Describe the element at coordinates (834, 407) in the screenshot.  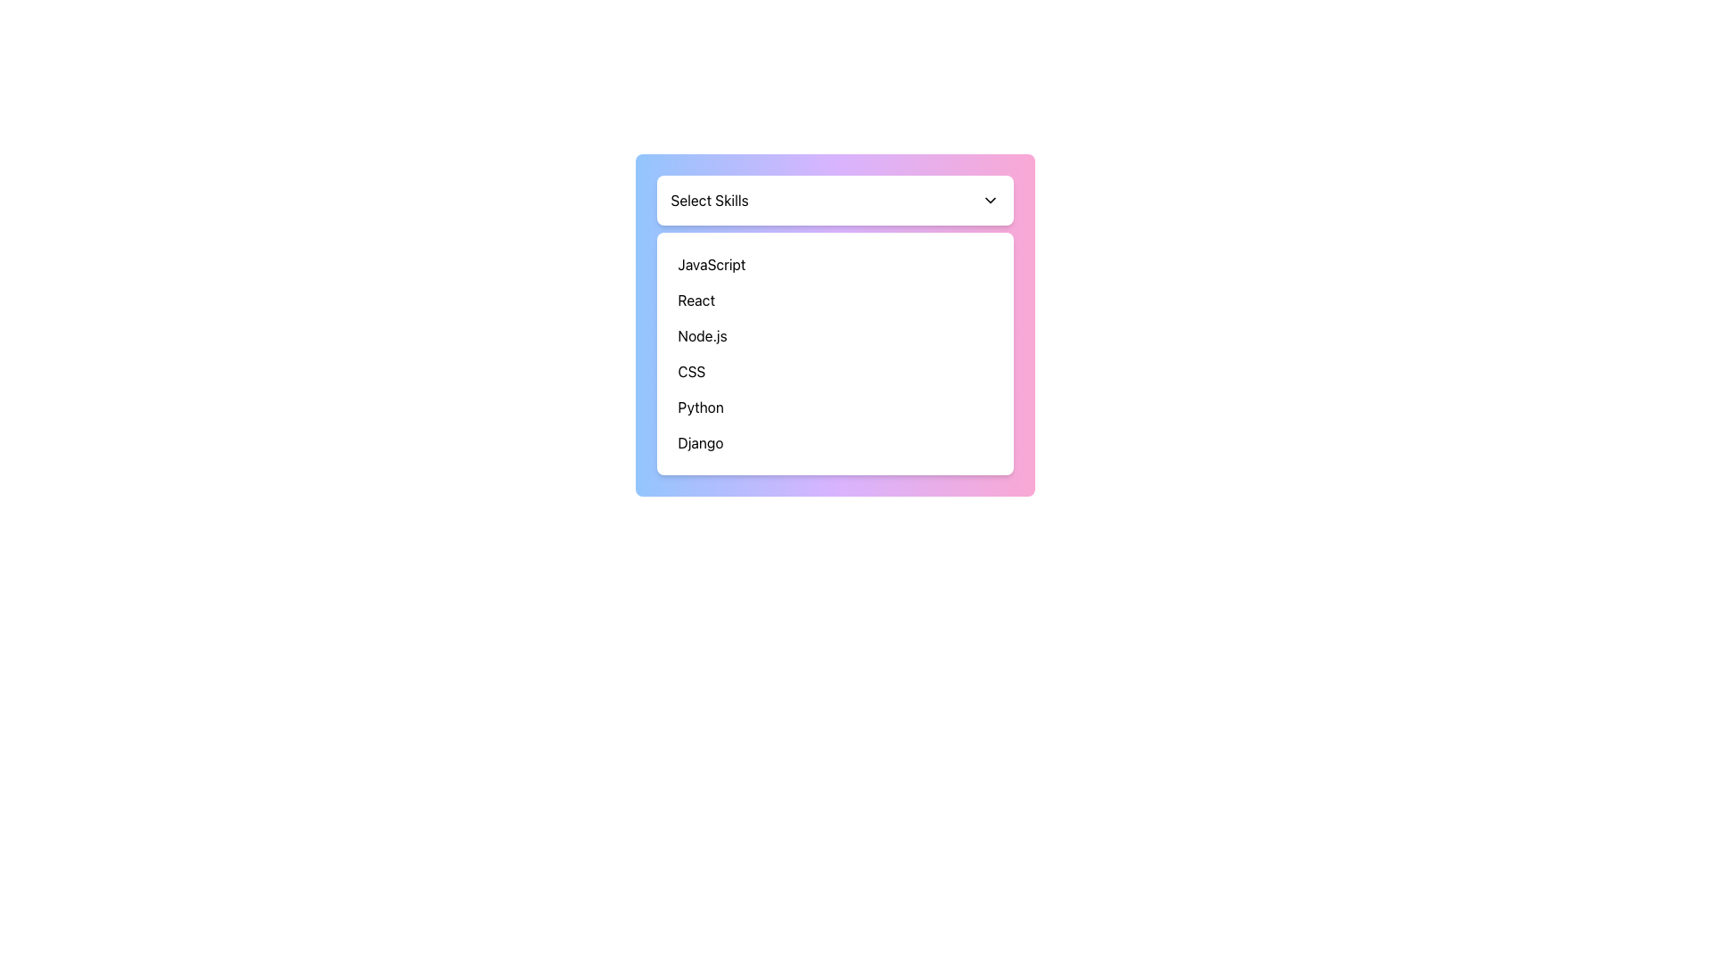
I see `the 'Python' option in the dropdown menu, which is the fifth item in a vertical list, located between 'CSS' and 'Django'` at that location.